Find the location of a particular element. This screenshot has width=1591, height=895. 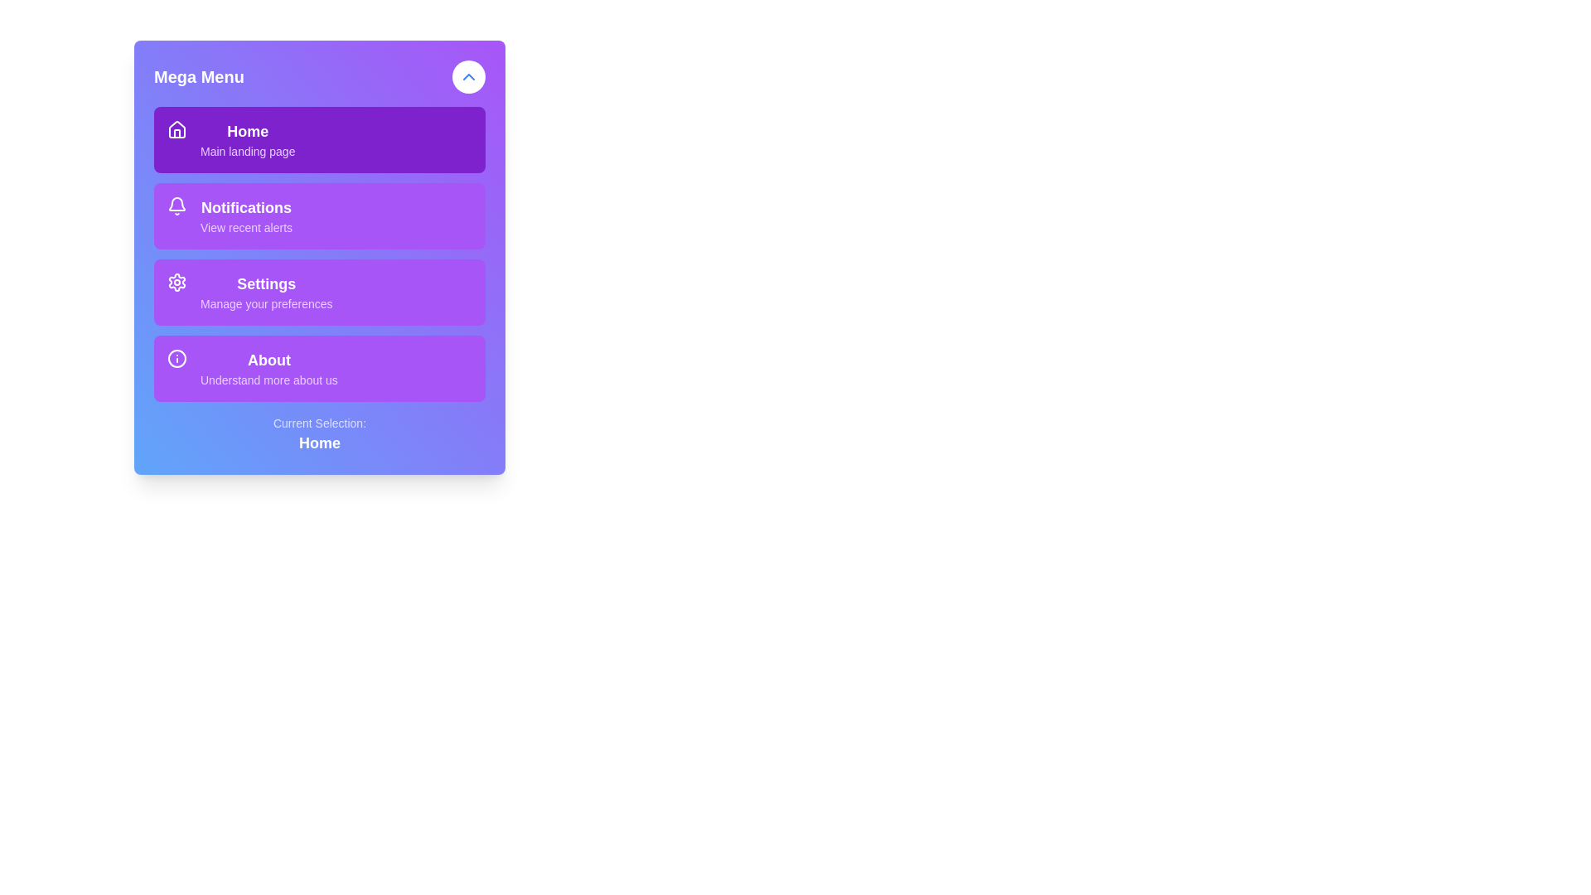

the notifications icon, which is the second icon from the top in the vertical menu, located directly below the 'Home' menu item and above the 'Settings' menu item is located at coordinates (177, 203).